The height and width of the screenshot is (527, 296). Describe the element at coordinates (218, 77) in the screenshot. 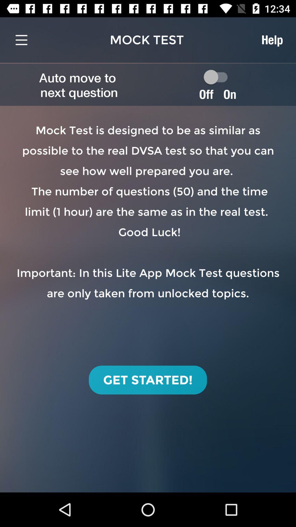

I see `switch on` at that location.